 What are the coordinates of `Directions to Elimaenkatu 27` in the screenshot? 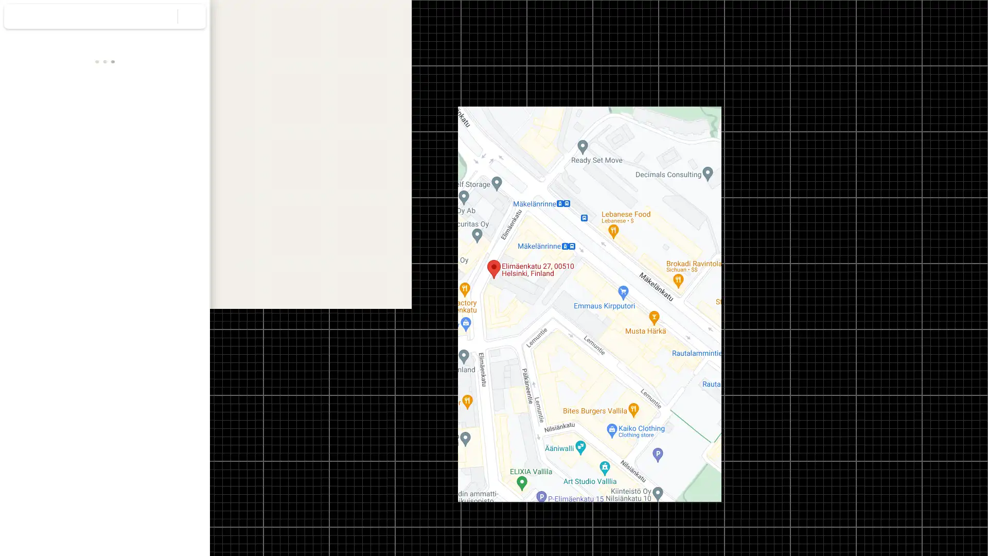 It's located at (29, 176).